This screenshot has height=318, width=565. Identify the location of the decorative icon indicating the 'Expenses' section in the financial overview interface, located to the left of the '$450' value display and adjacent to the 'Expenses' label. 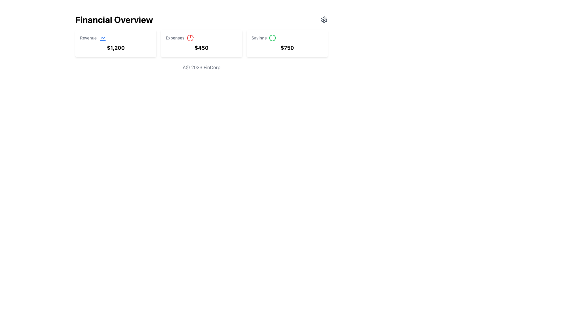
(190, 38).